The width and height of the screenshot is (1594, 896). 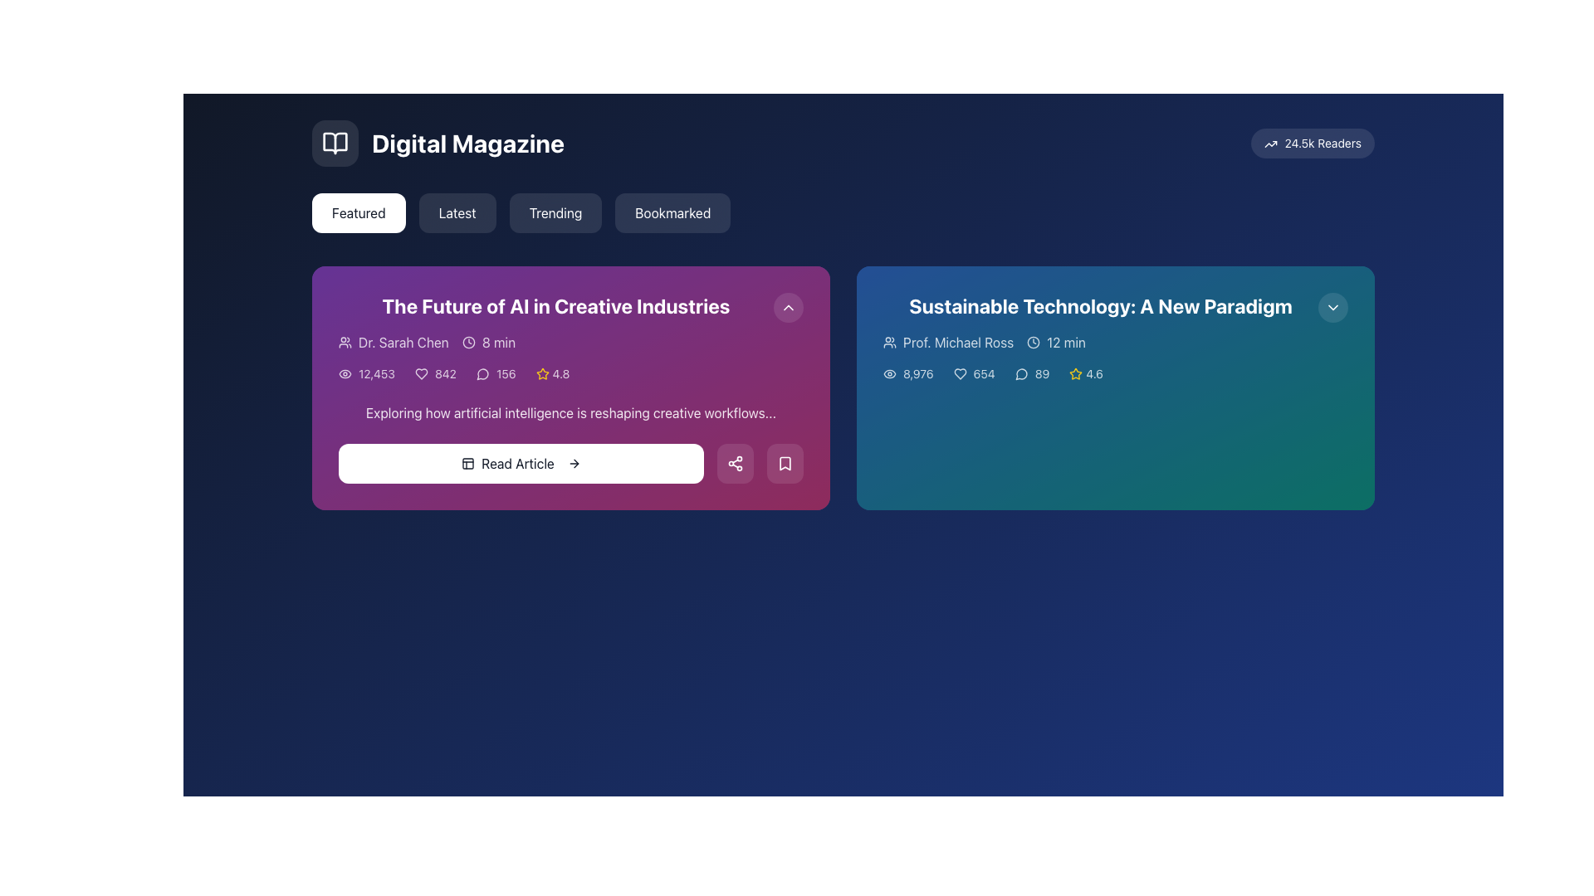 I want to click on displayed number '89' from the message bubble icon located within the blue card titled 'Sustainable Technology: A New Paradigm', so click(x=1031, y=374).